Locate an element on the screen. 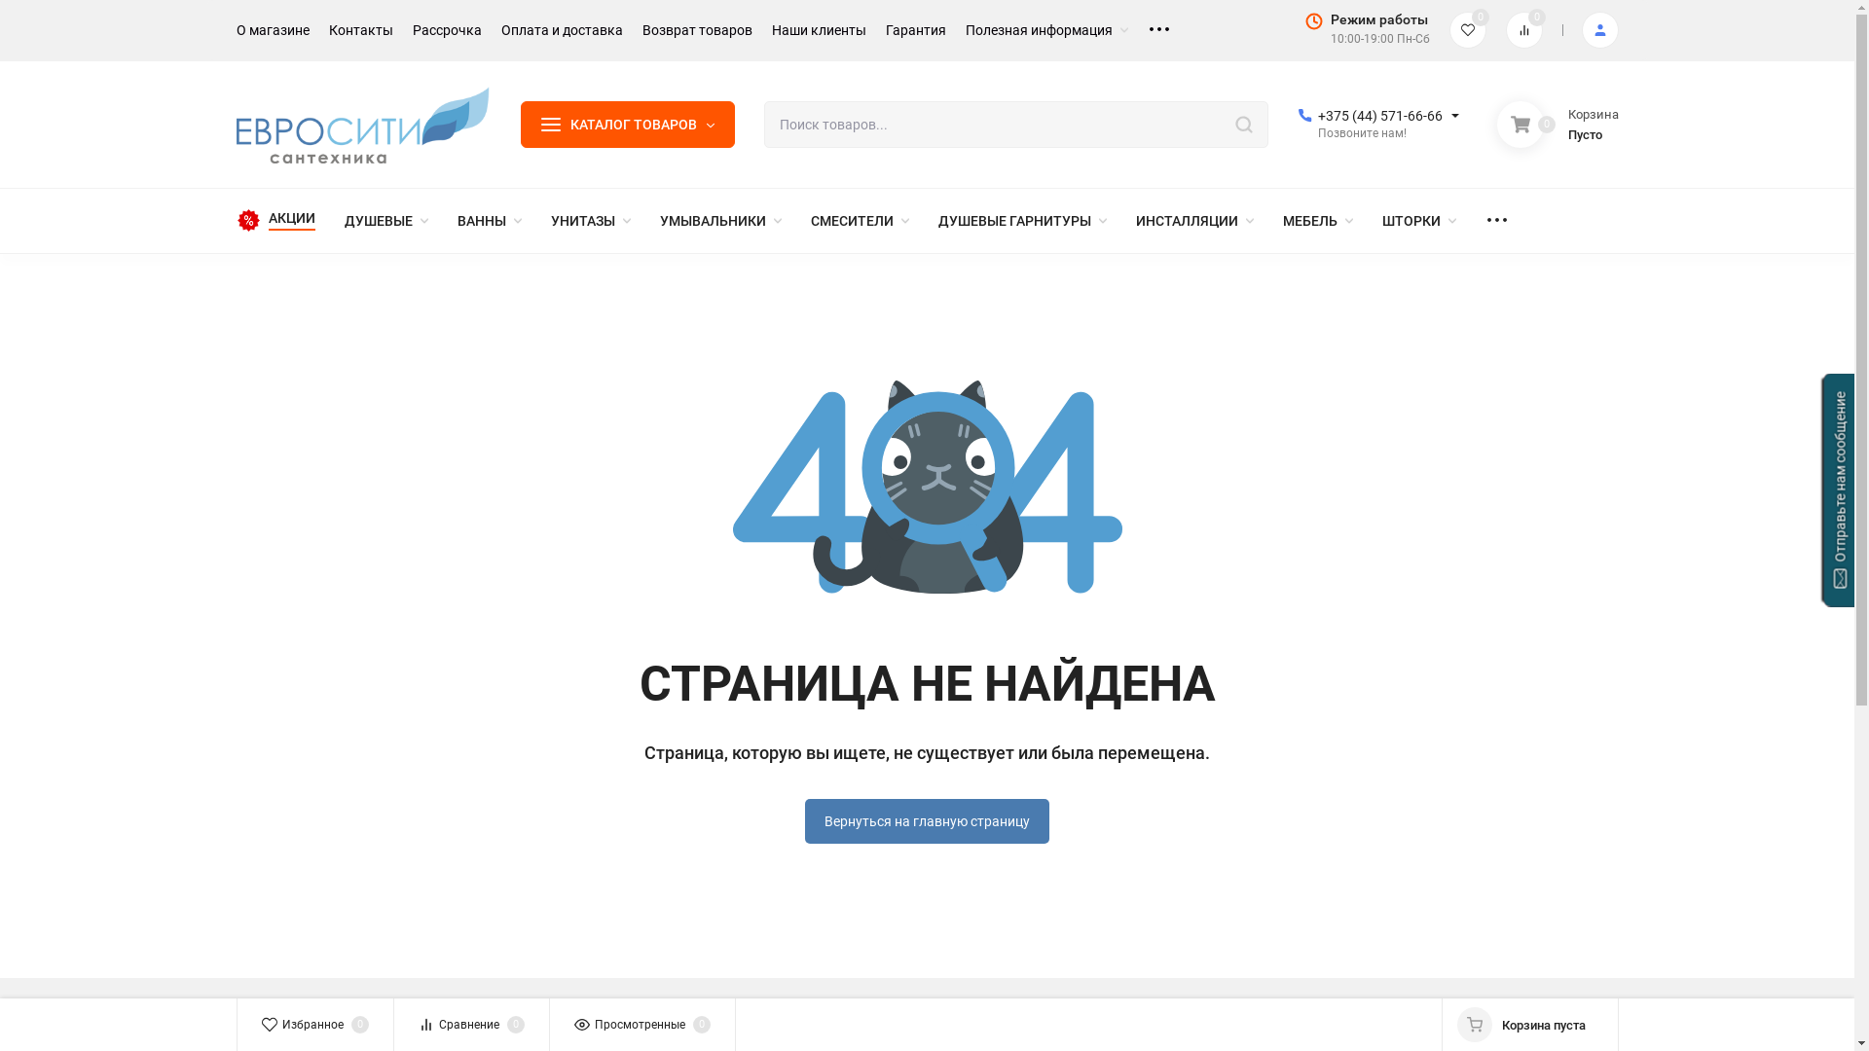 Image resolution: width=1869 pixels, height=1051 pixels. '+375 (44) 571-66-66' is located at coordinates (1378, 116).